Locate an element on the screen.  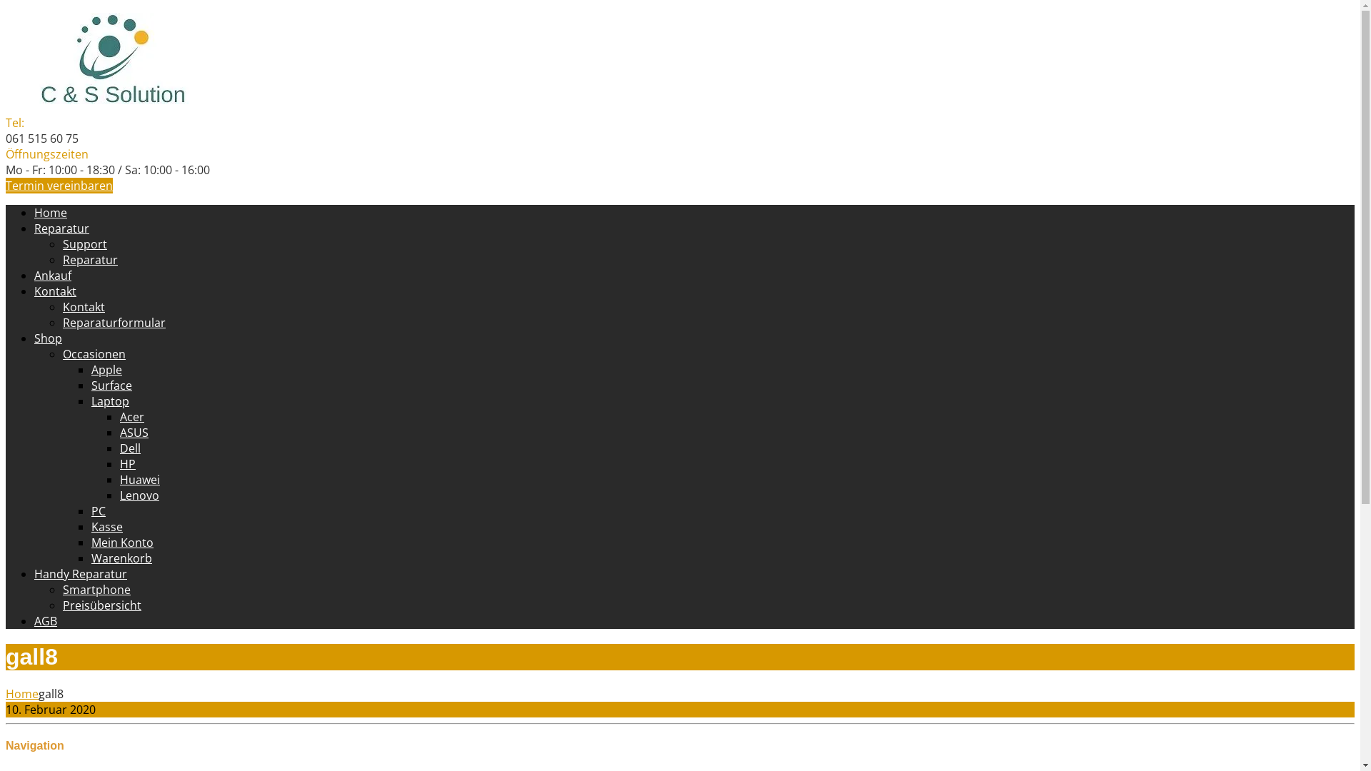
'Kasse' is located at coordinates (106, 526).